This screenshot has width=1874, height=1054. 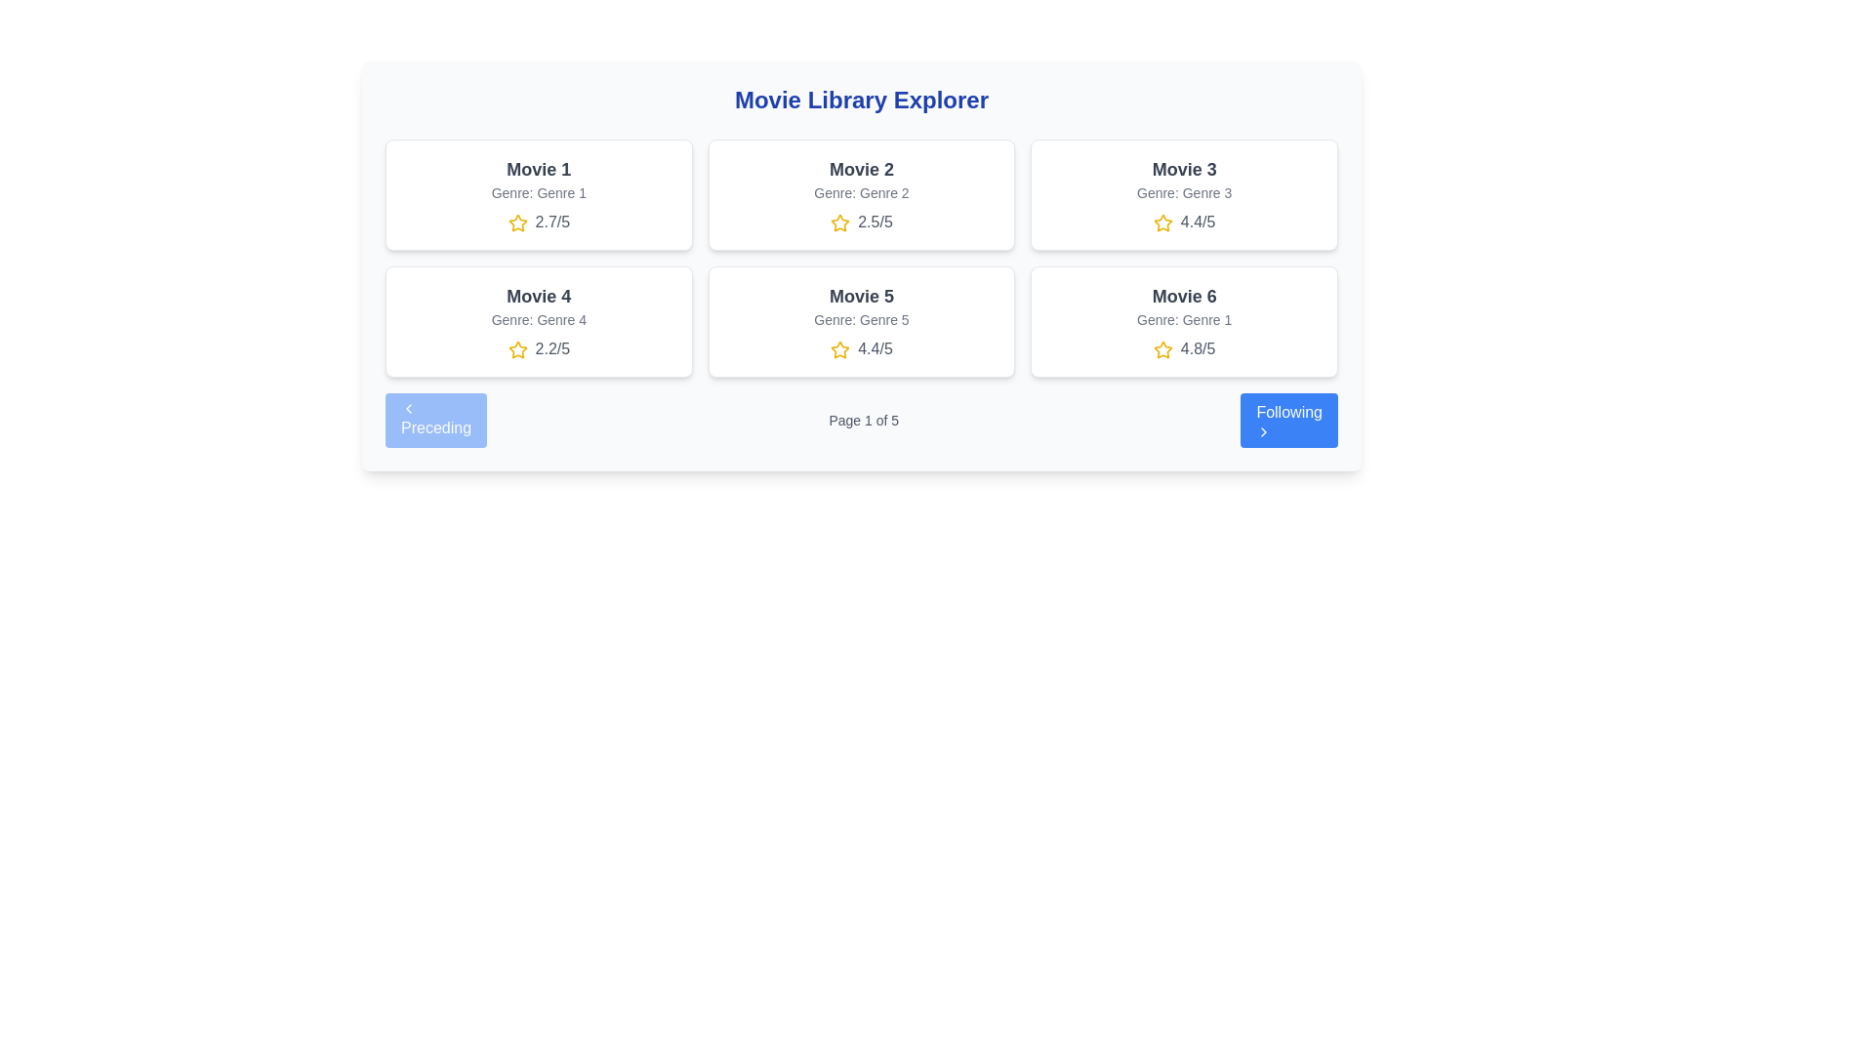 I want to click on text label indicating the genre of the associated movie, which is 'Genre 4', positioned within the white card for 'Movie 4', so click(x=539, y=318).